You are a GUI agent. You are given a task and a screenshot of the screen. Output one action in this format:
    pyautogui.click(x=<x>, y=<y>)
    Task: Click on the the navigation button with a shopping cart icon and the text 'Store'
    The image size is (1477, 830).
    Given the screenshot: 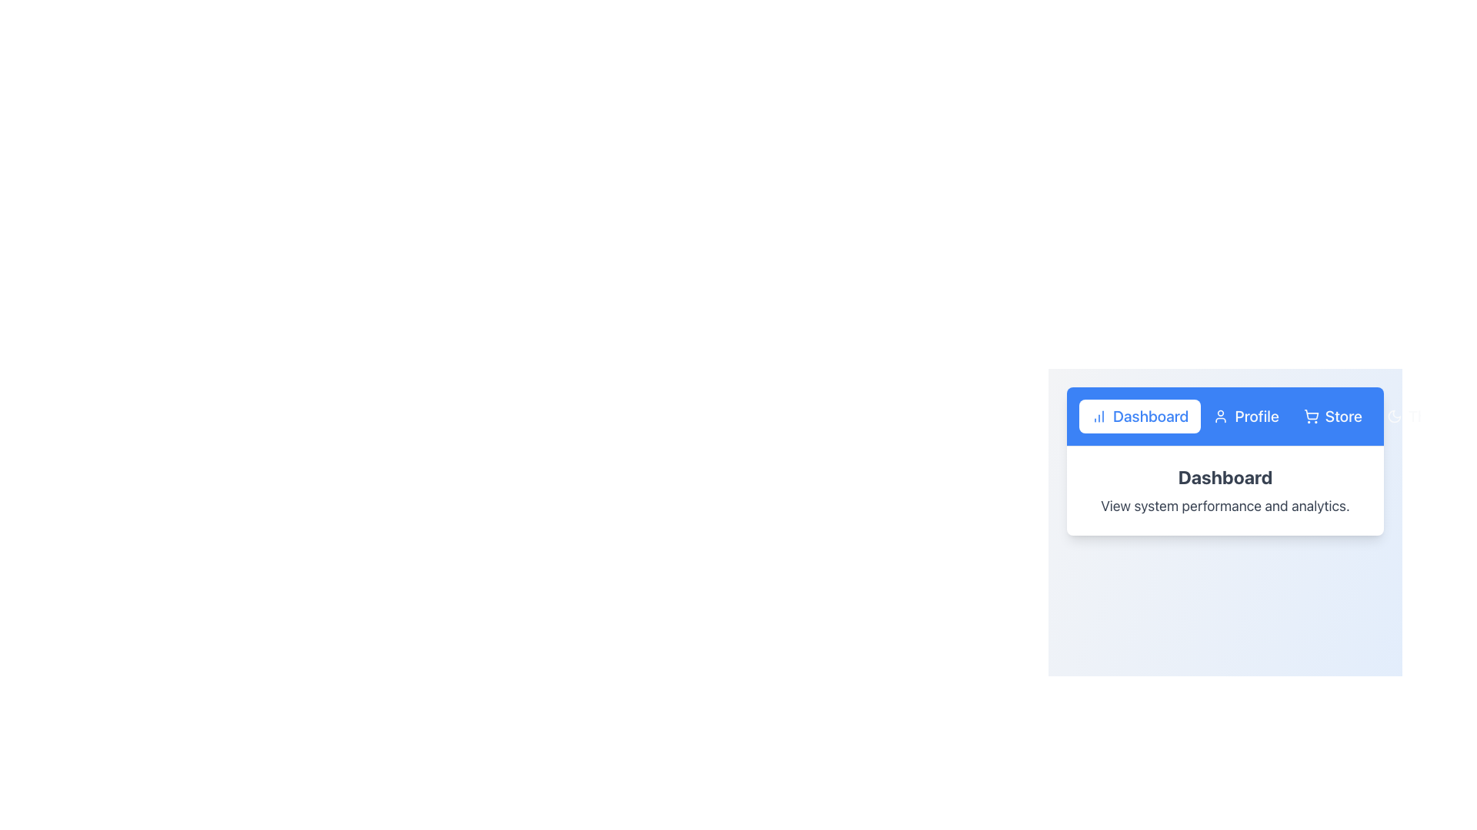 What is the action you would take?
    pyautogui.click(x=1332, y=417)
    